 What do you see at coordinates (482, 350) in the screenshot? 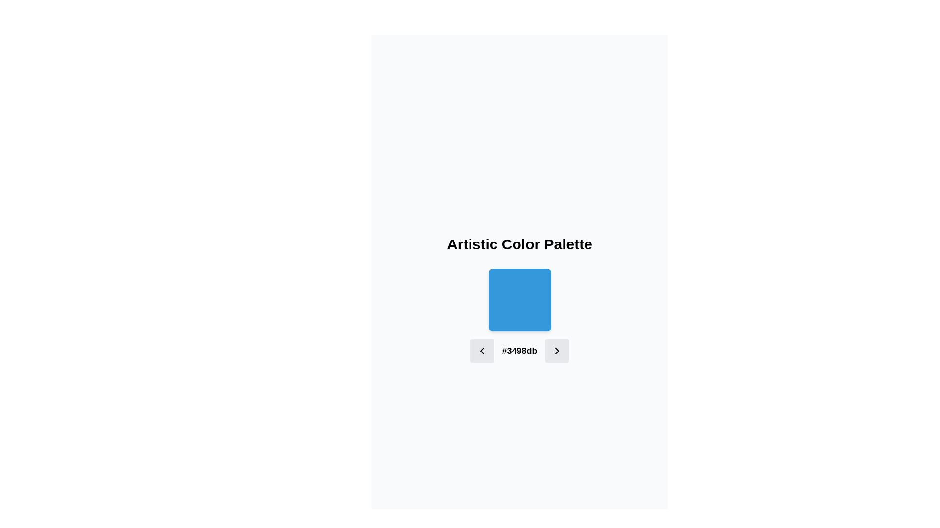
I see `the navigation button located to the left of the color code text '#3498db'` at bounding box center [482, 350].